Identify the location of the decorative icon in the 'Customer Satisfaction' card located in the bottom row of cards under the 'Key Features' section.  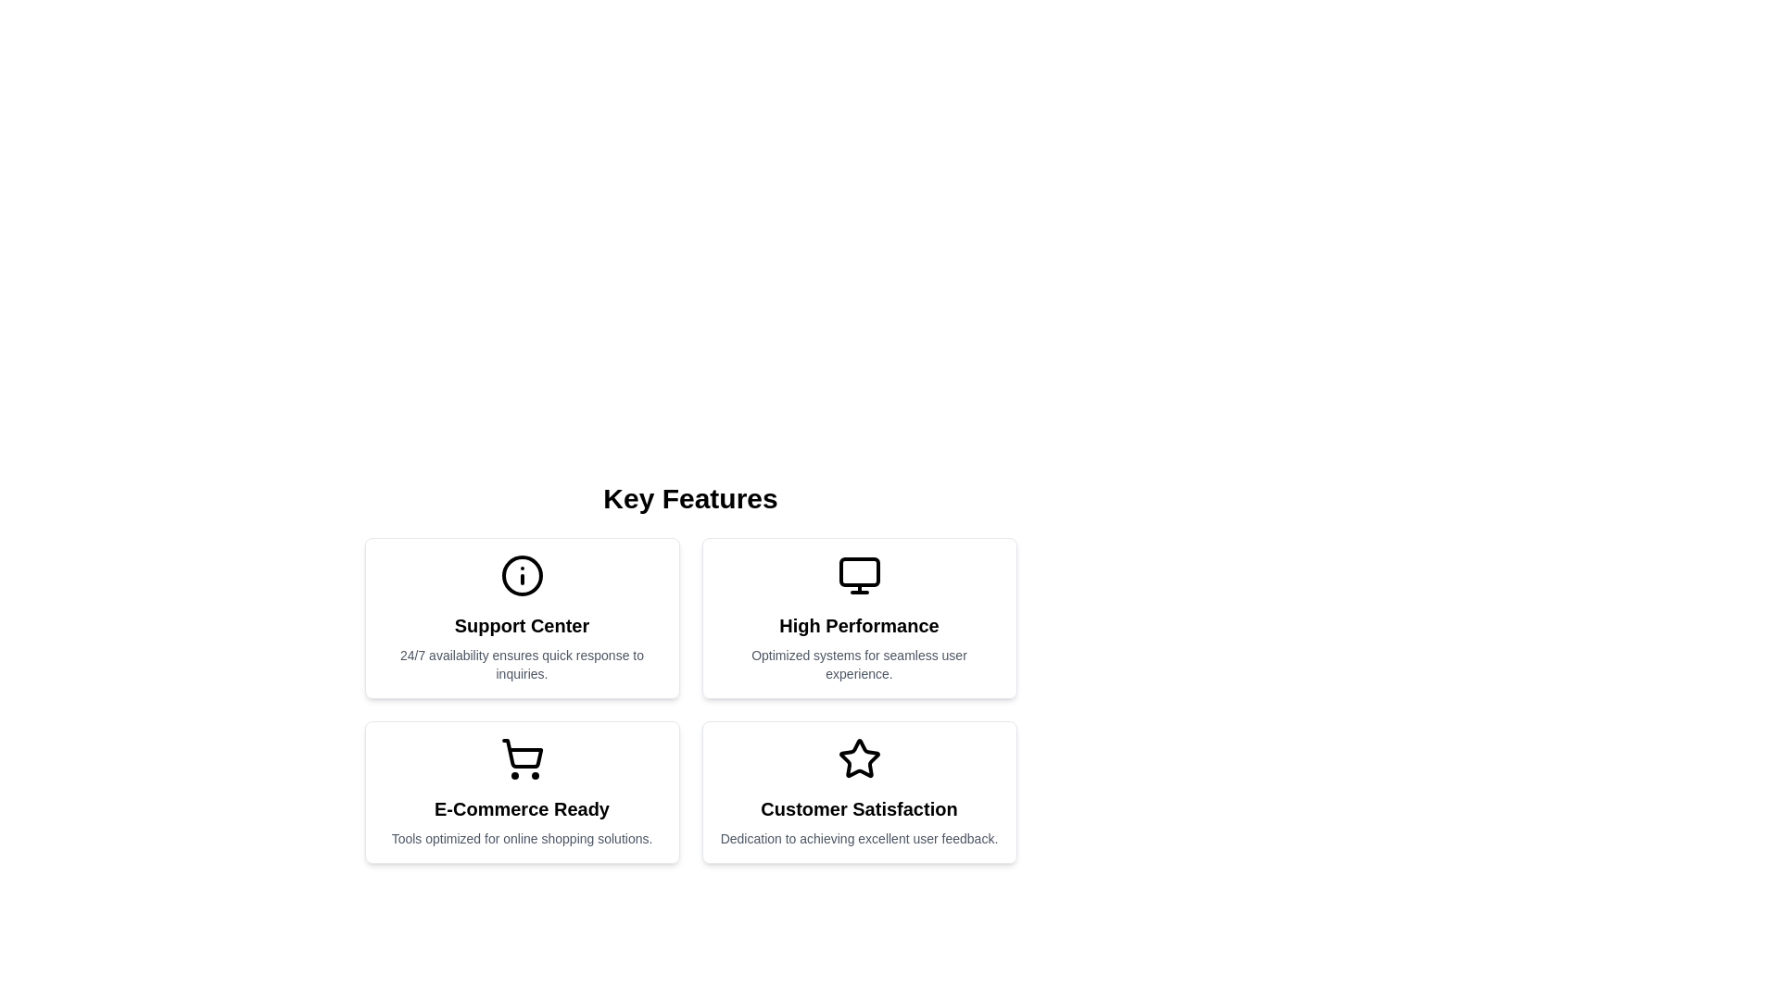
(858, 759).